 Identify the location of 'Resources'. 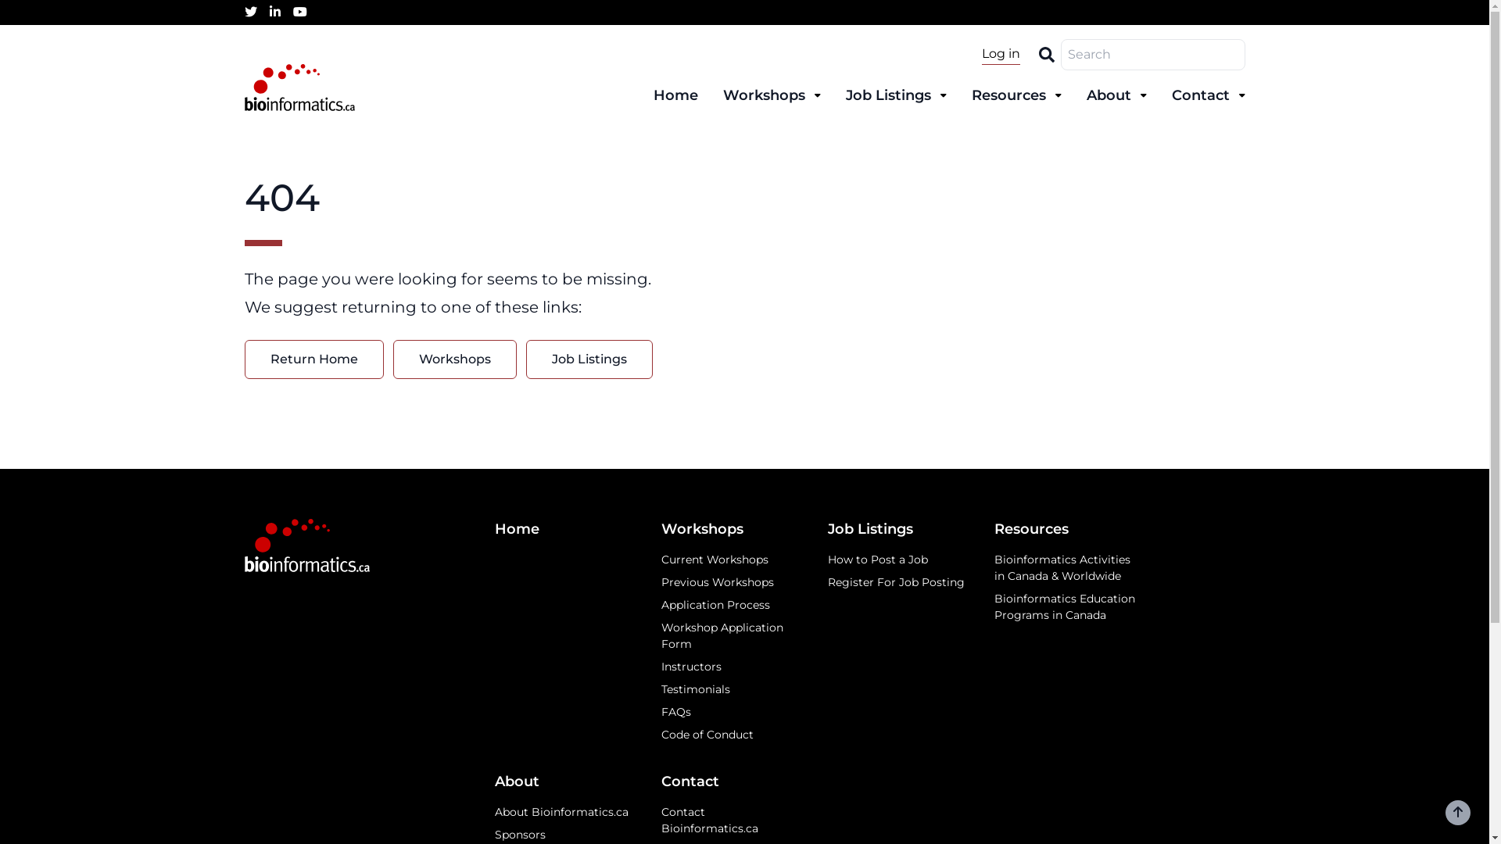
(1016, 95).